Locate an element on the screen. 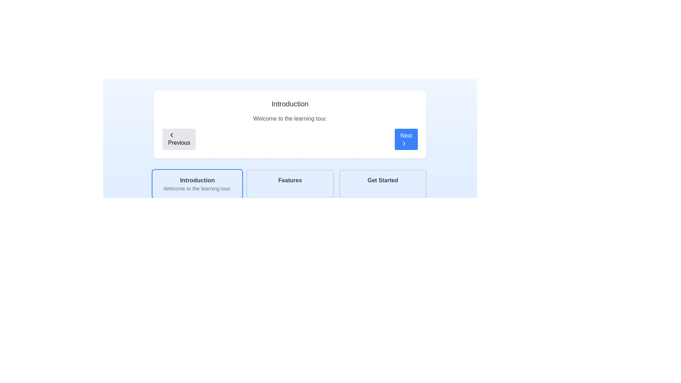 Image resolution: width=681 pixels, height=383 pixels. the chevron icon located inside the 'Previous' button at the bottom left of the main content area is located at coordinates (172, 135).